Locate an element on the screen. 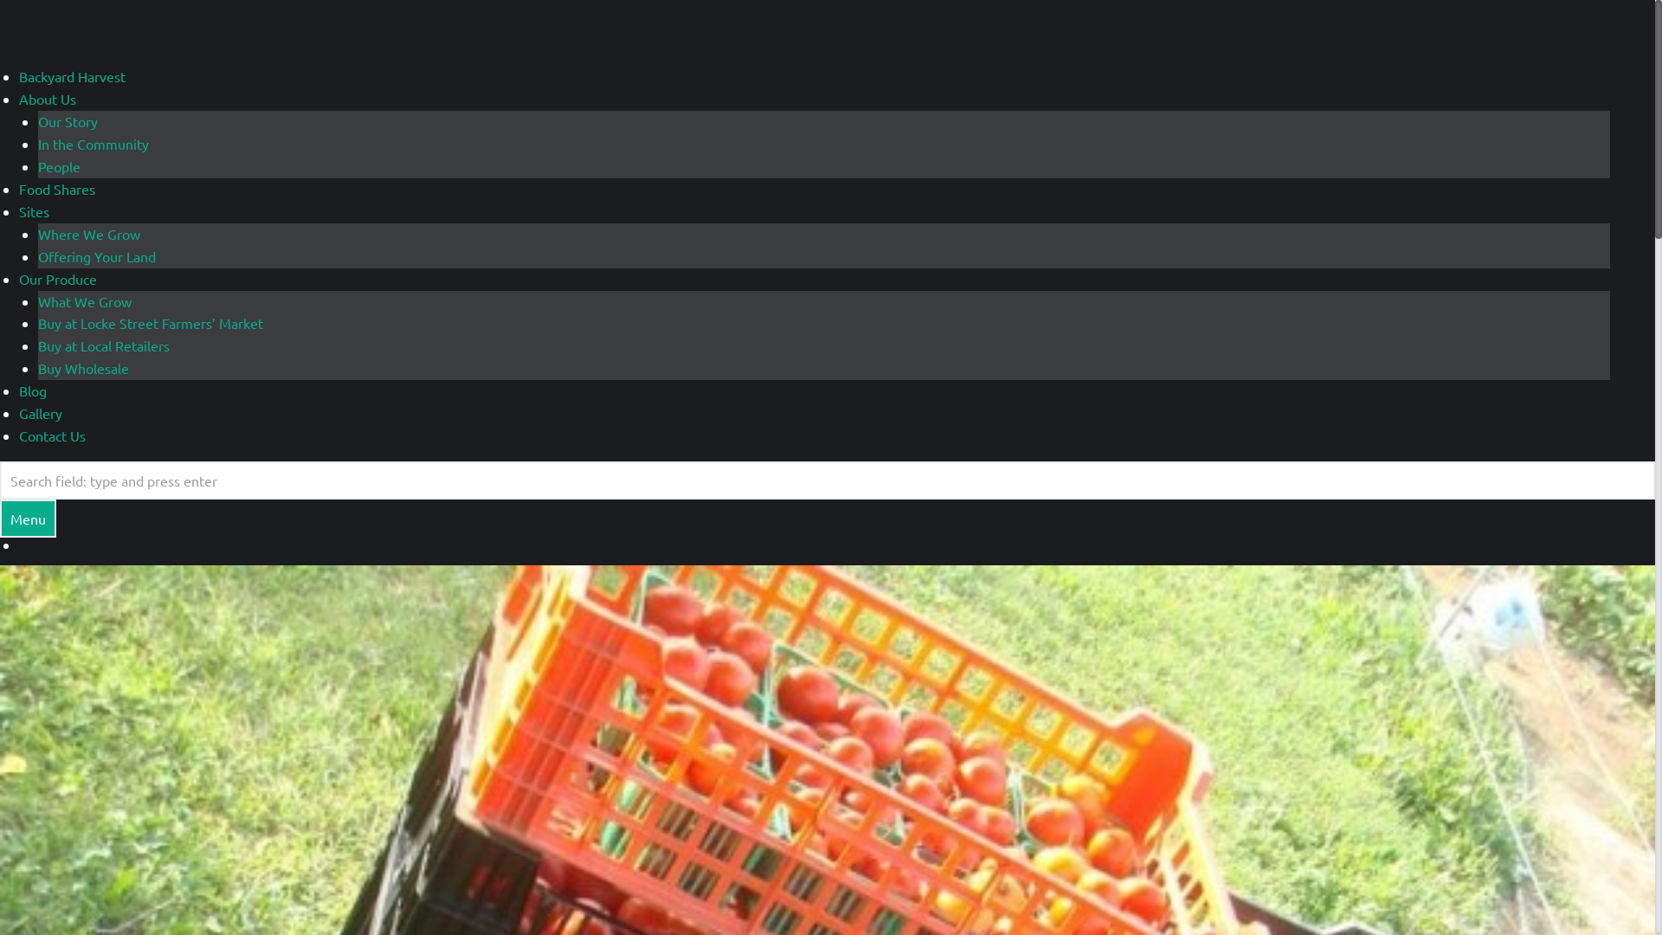 The width and height of the screenshot is (1662, 935). 'Gallery' is located at coordinates (41, 413).